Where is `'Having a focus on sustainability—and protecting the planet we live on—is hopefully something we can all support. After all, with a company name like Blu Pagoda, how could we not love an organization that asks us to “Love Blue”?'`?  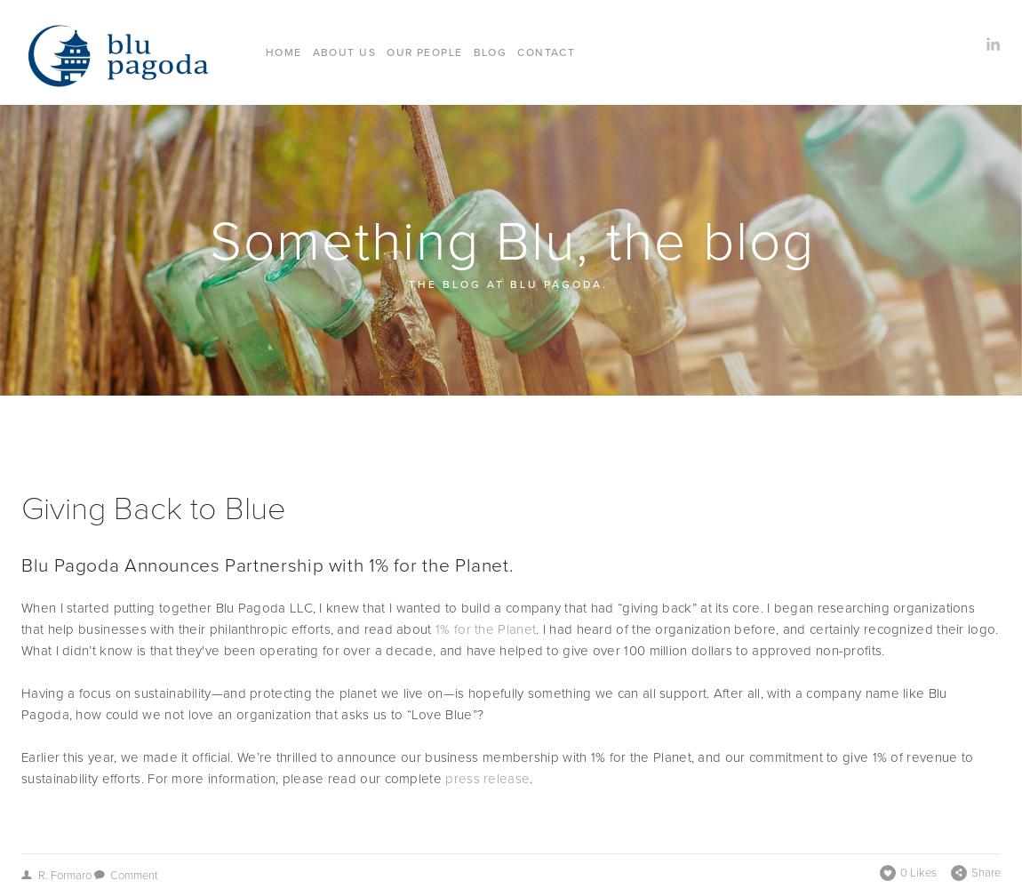
'Having a focus on sustainability—and protecting the planet we live on—is hopefully something we can all support. After all, with a company name like Blu Pagoda, how could we not love an organization that asks us to “Love Blue”?' is located at coordinates (485, 703).